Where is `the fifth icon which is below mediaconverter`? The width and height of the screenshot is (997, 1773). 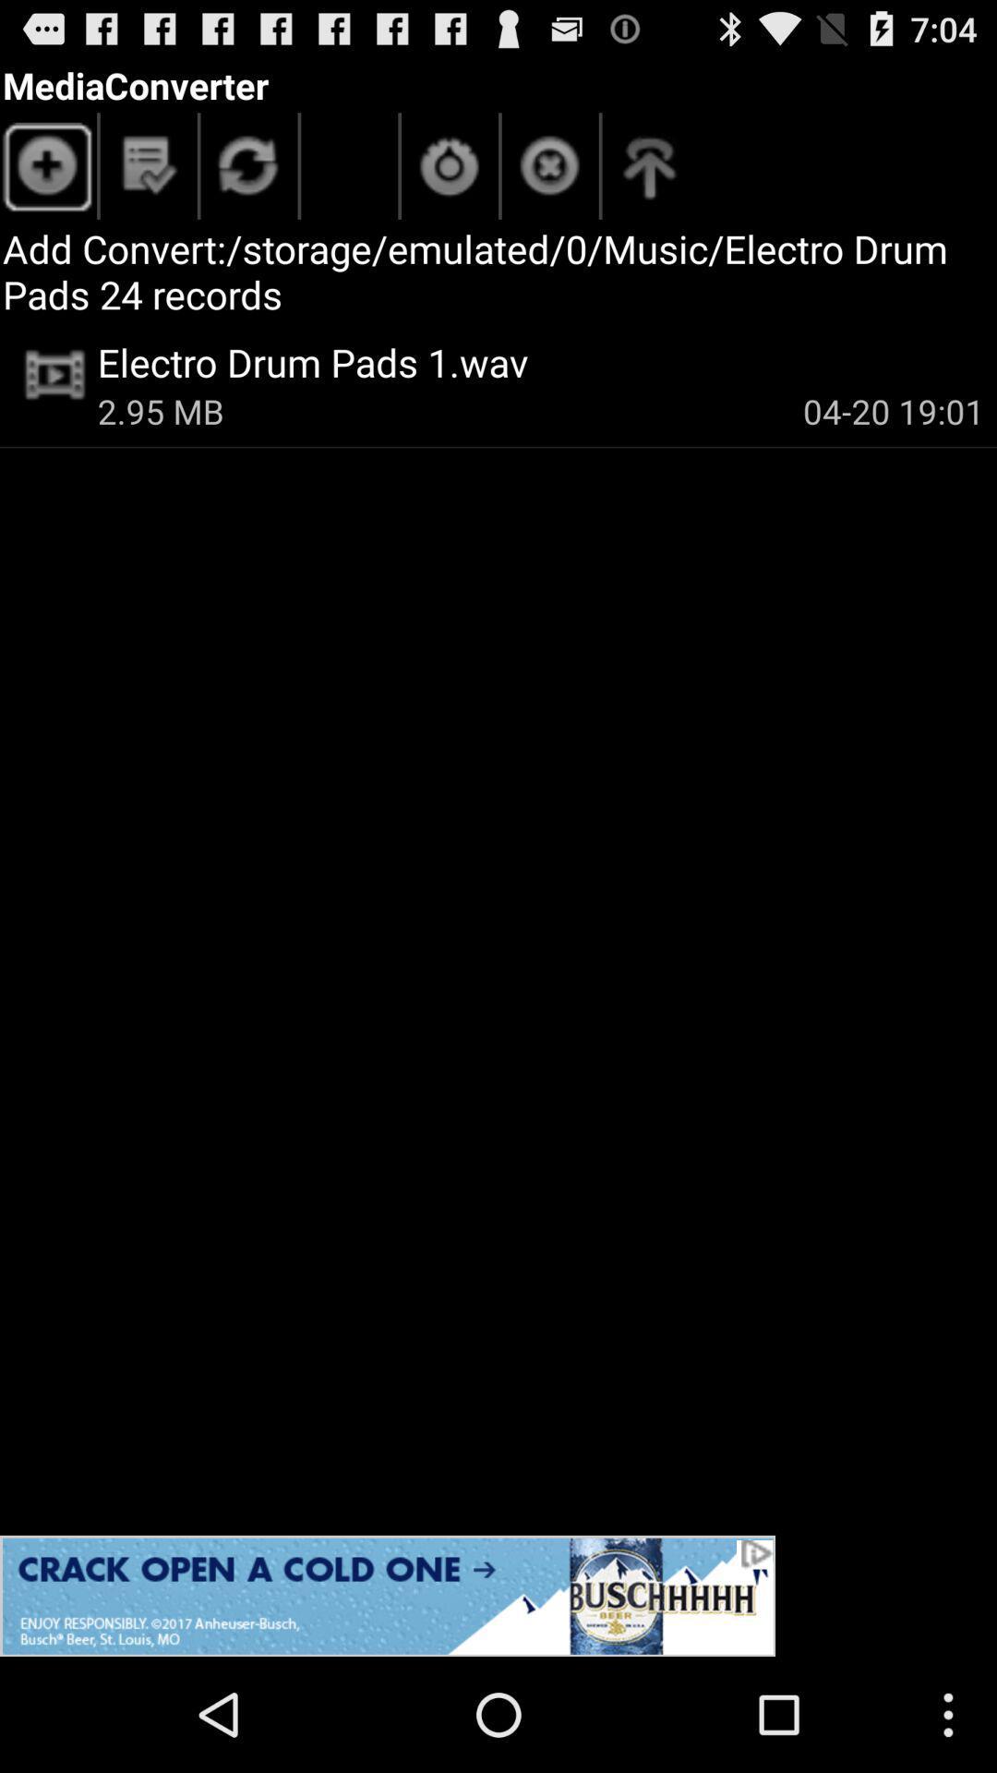 the fifth icon which is below mediaconverter is located at coordinates (549, 171).